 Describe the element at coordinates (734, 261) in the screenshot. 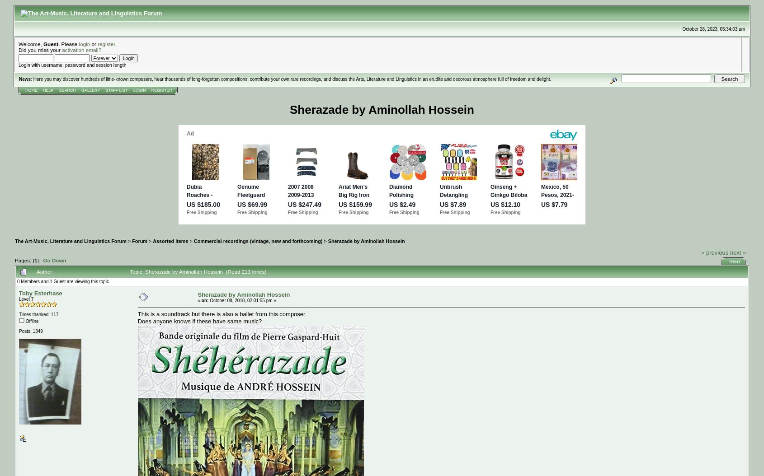

I see `'Print'` at that location.